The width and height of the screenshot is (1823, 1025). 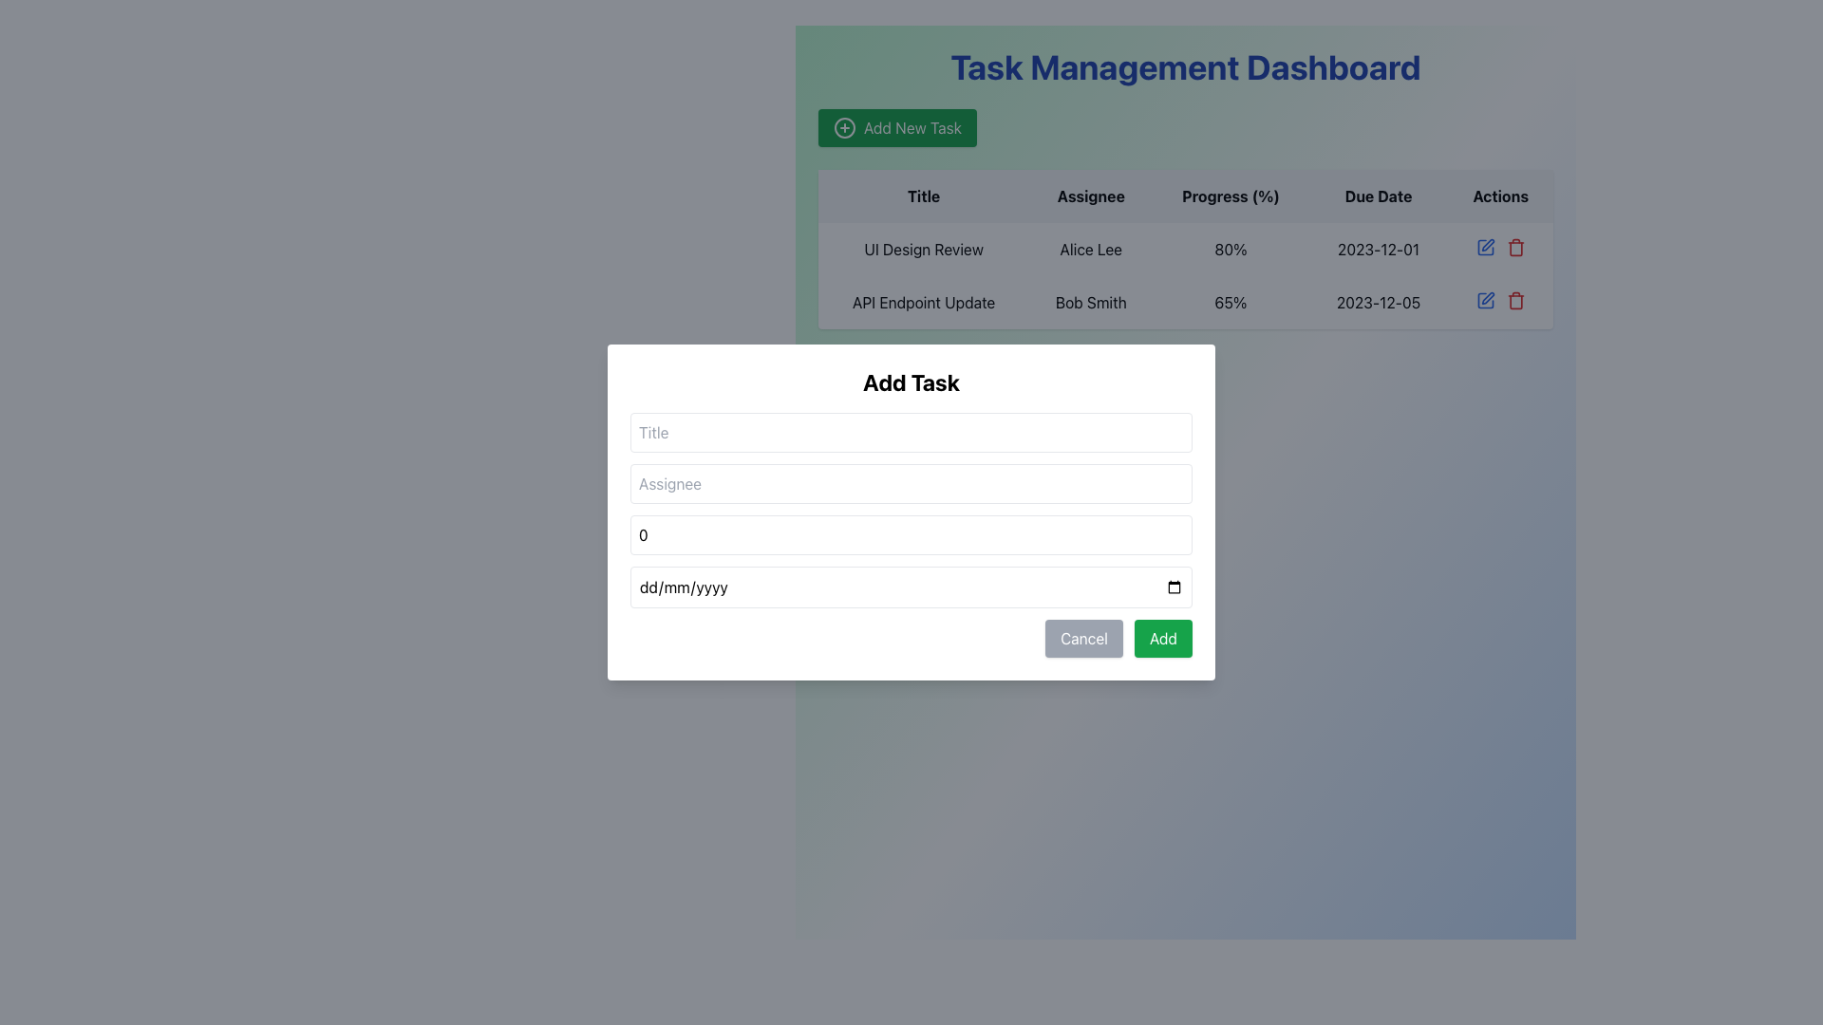 I want to click on the circular gray ring icon with a '+' sign, located to the left of the text 'Add New Task' in the green button, so click(x=843, y=128).